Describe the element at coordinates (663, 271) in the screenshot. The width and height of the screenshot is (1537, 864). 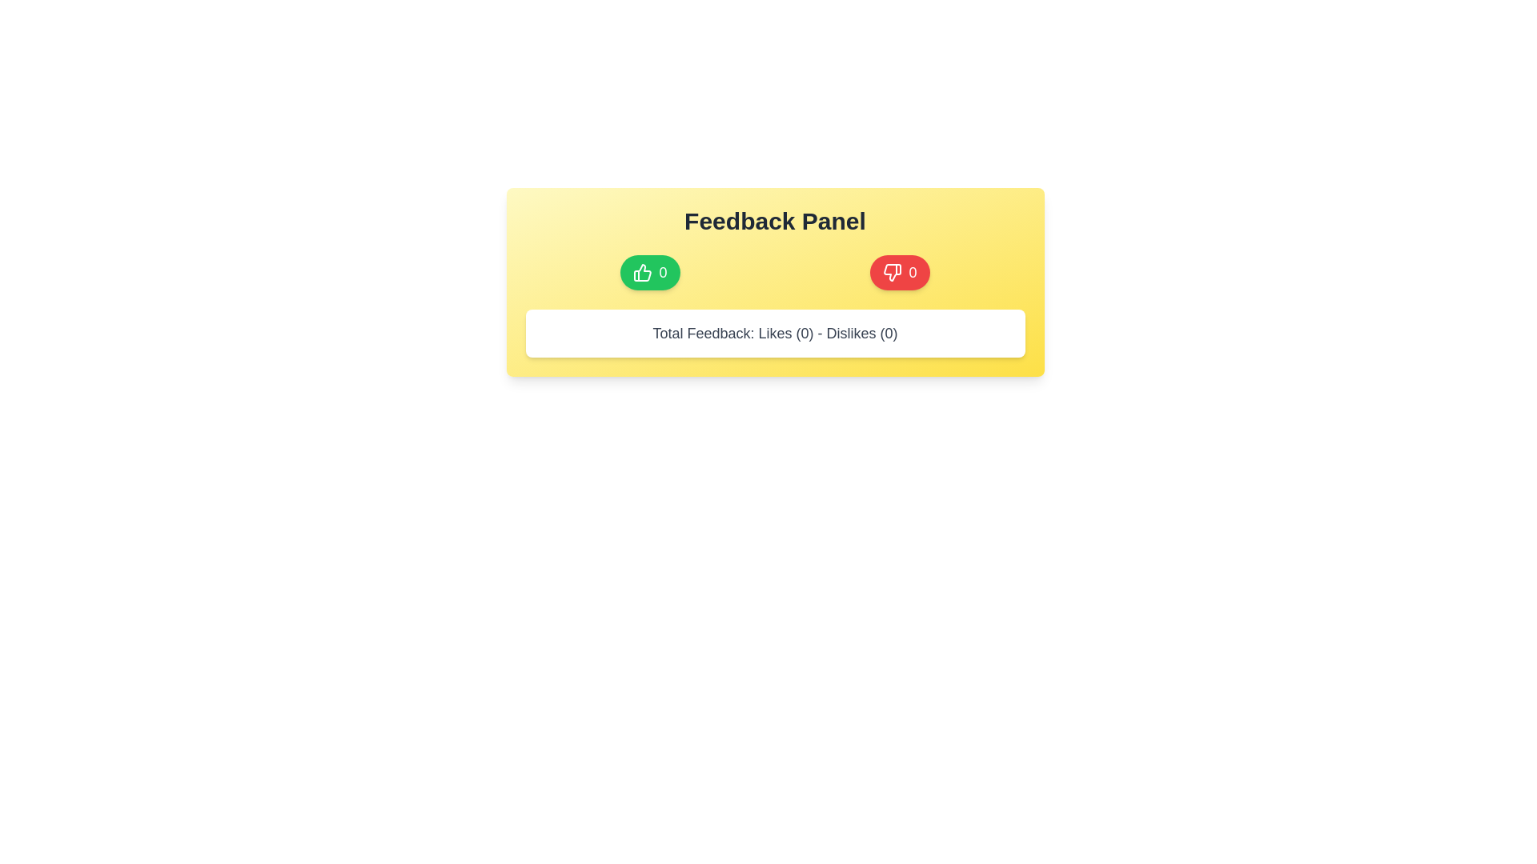
I see `the green 'like' button to increment the count displayed in the text label` at that location.